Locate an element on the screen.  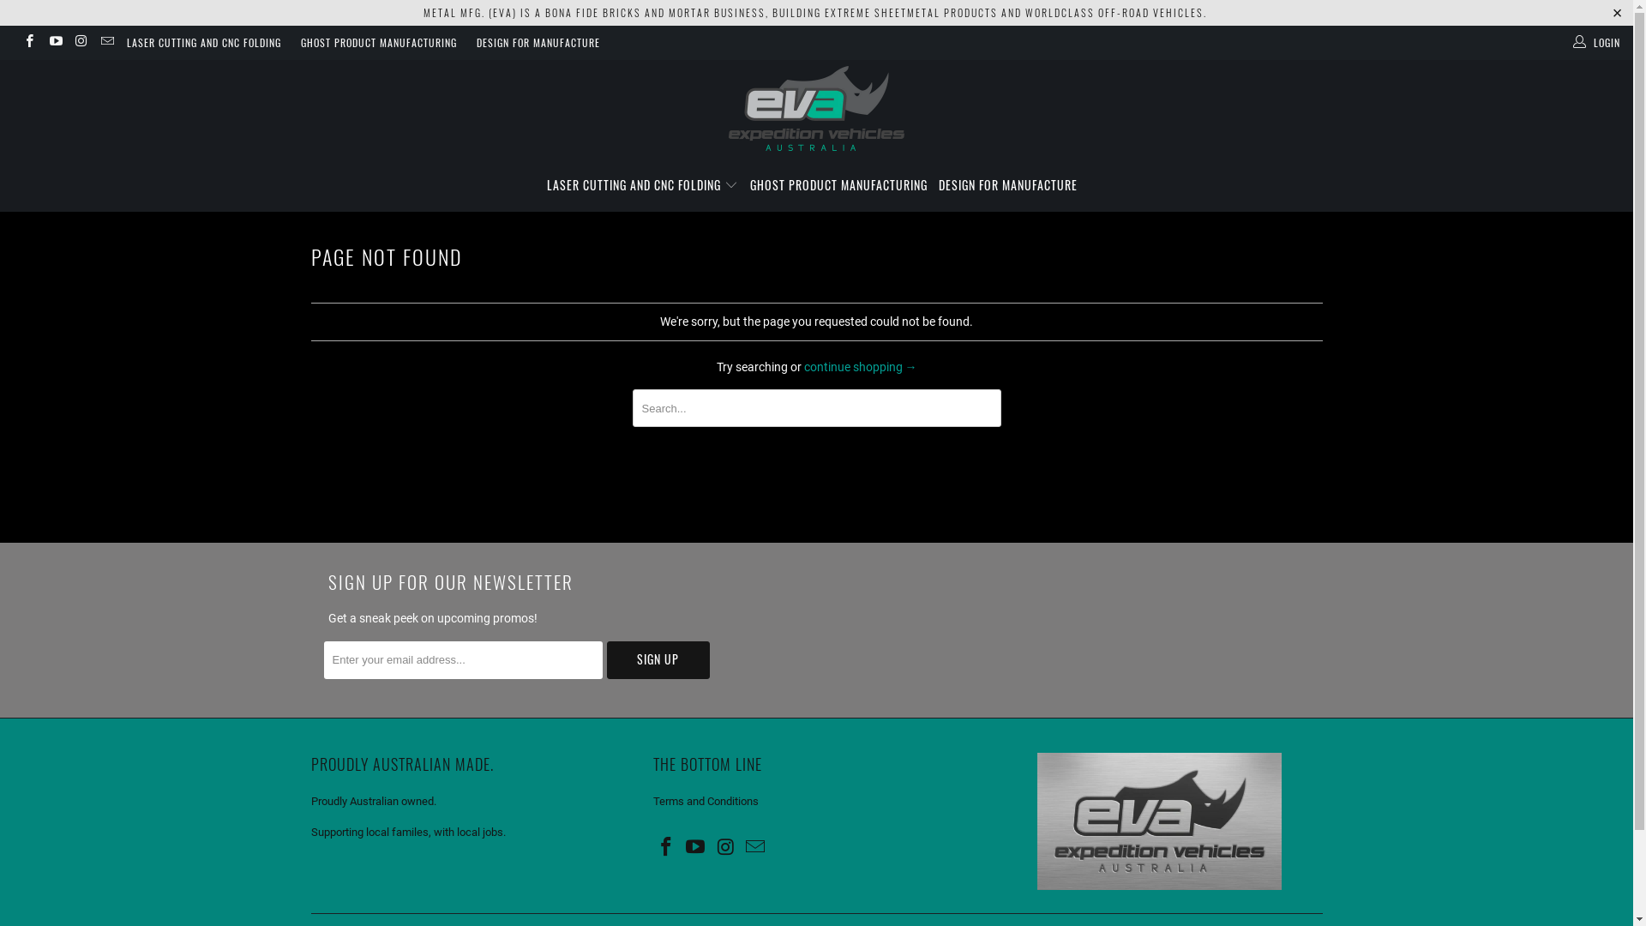
'Email Metal MFG. (Expedition Vehicles Australia Pty Ltd)' is located at coordinates (743, 846).